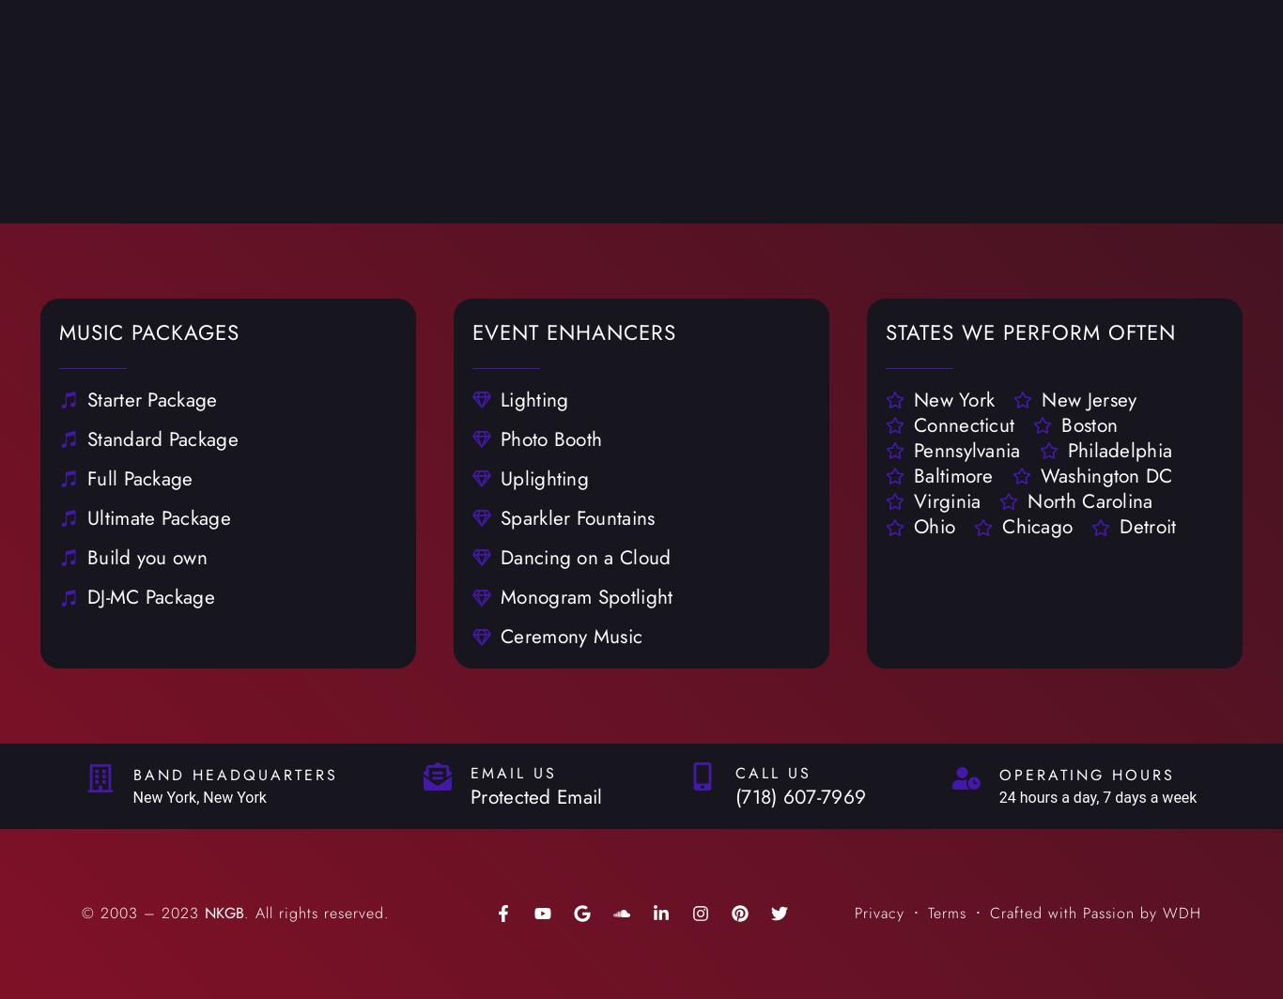  I want to click on 'Detroit', so click(1148, 525).